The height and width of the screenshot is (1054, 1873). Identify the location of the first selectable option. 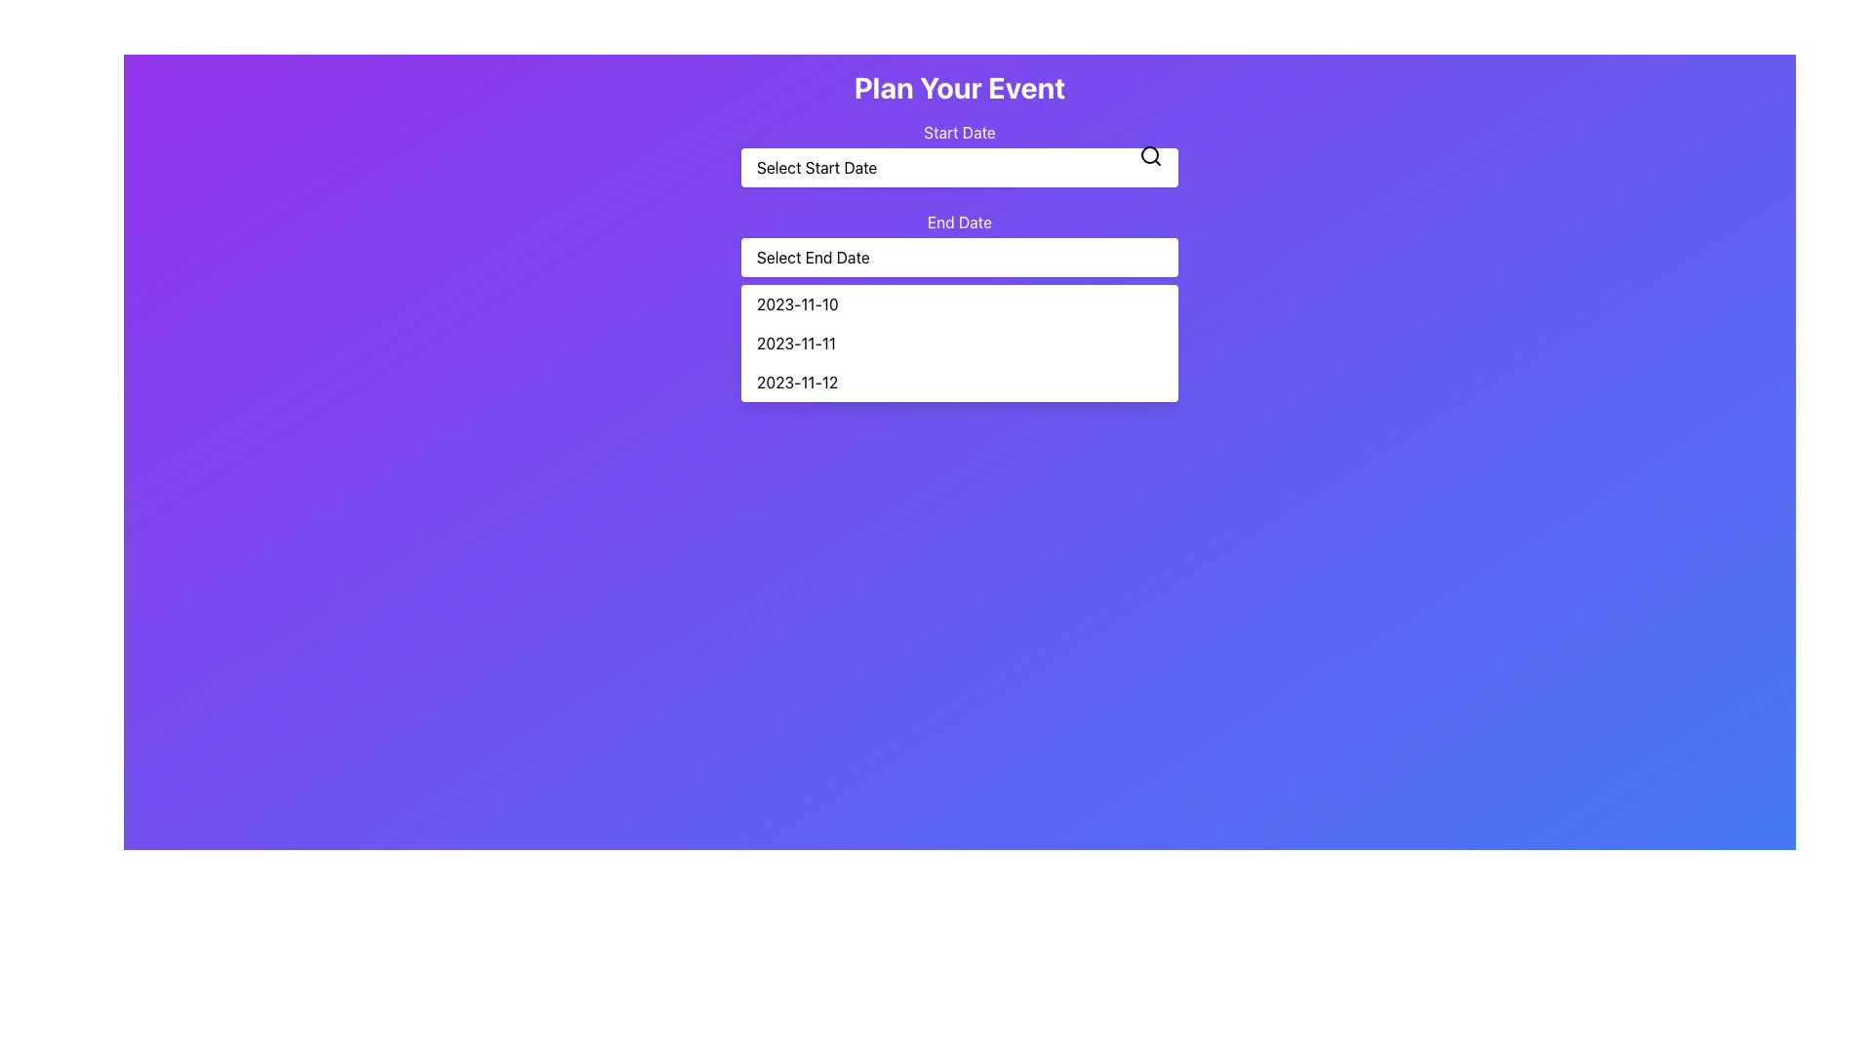
(959, 304).